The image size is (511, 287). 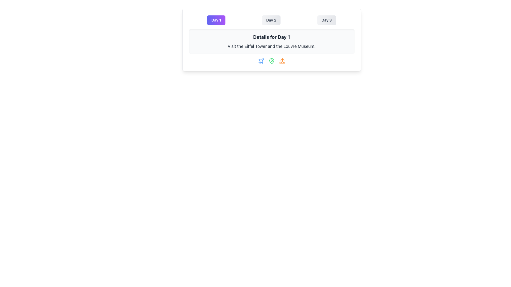 I want to click on the 'Day 1' button, which is the leftmost button with a gradient background and white text, so click(x=216, y=20).